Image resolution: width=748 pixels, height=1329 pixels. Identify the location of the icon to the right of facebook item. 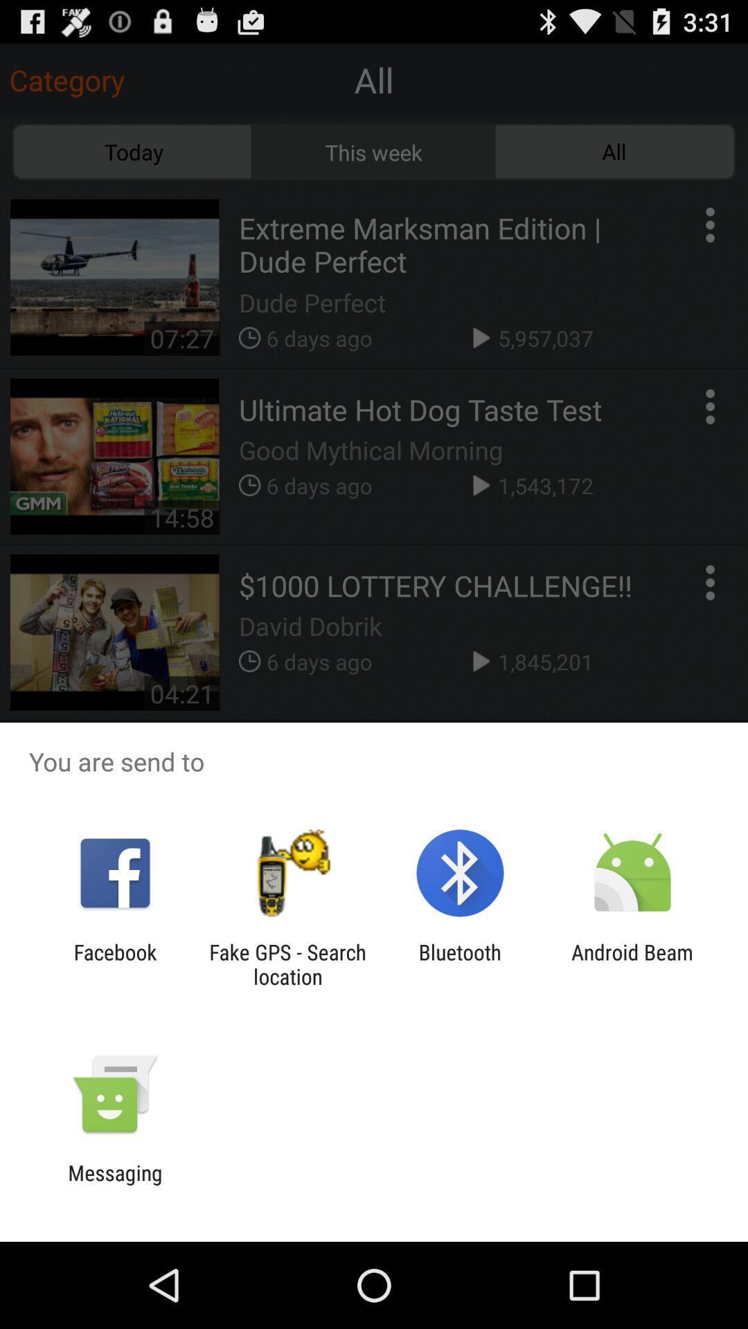
(287, 964).